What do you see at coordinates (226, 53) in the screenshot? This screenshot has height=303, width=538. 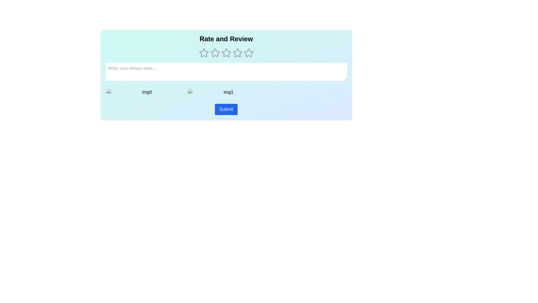 I see `the star corresponding to 3 stars to preview the rating` at bounding box center [226, 53].